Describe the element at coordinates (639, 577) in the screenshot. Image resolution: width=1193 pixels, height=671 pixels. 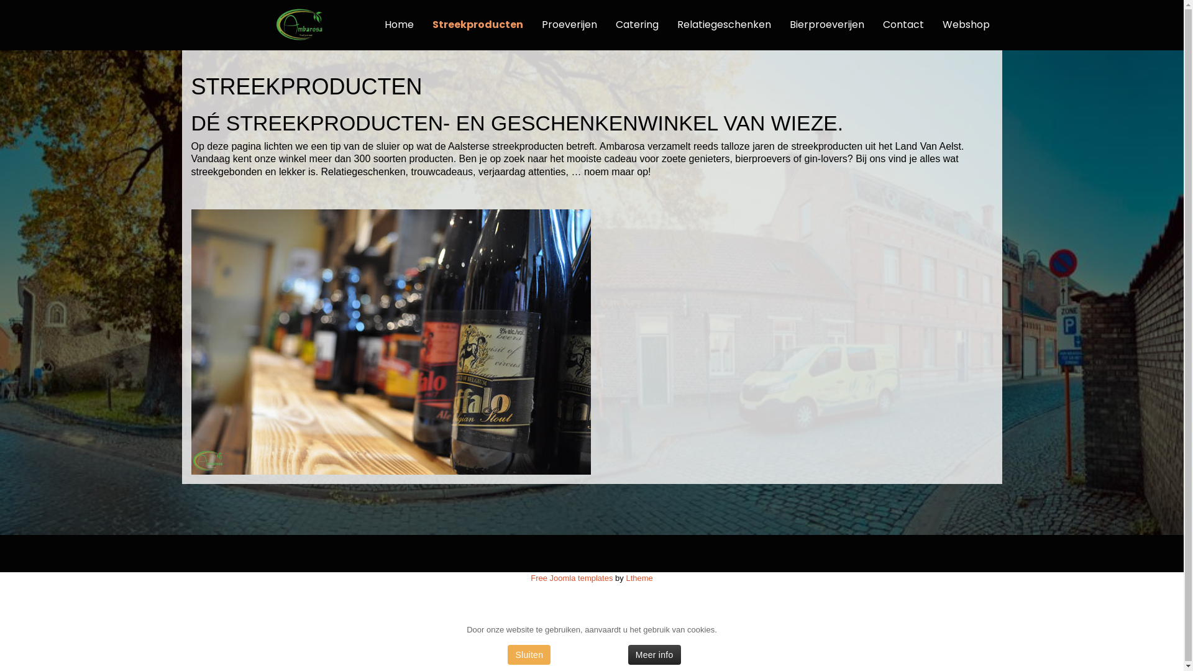
I see `'Ltheme'` at that location.